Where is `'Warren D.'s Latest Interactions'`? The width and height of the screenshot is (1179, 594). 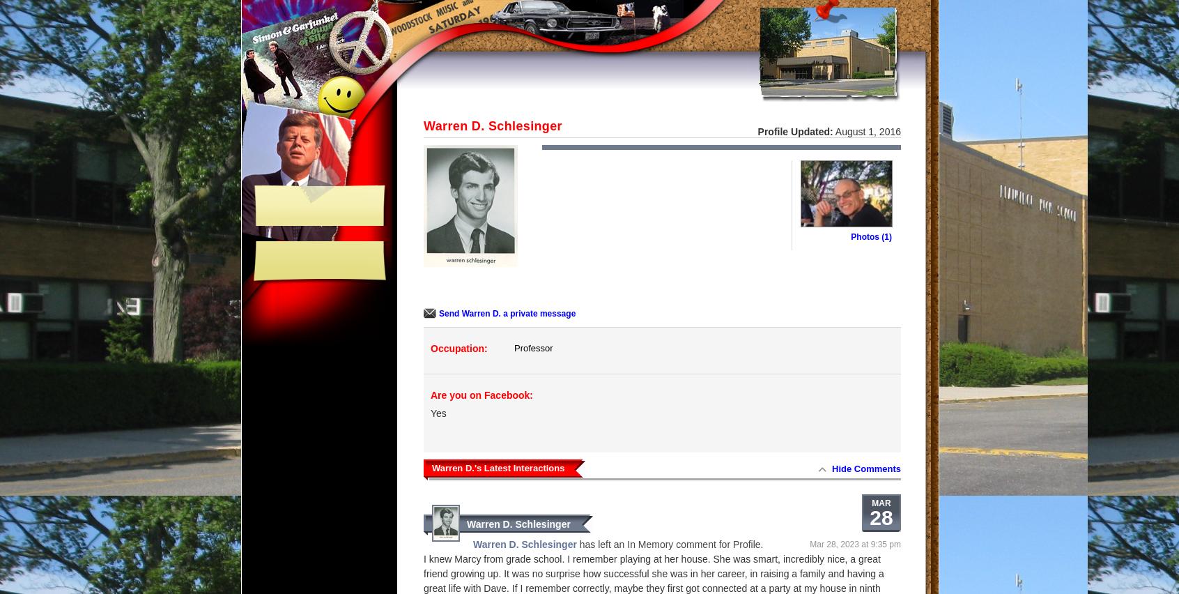 'Warren D.'s Latest Interactions' is located at coordinates (431, 467).